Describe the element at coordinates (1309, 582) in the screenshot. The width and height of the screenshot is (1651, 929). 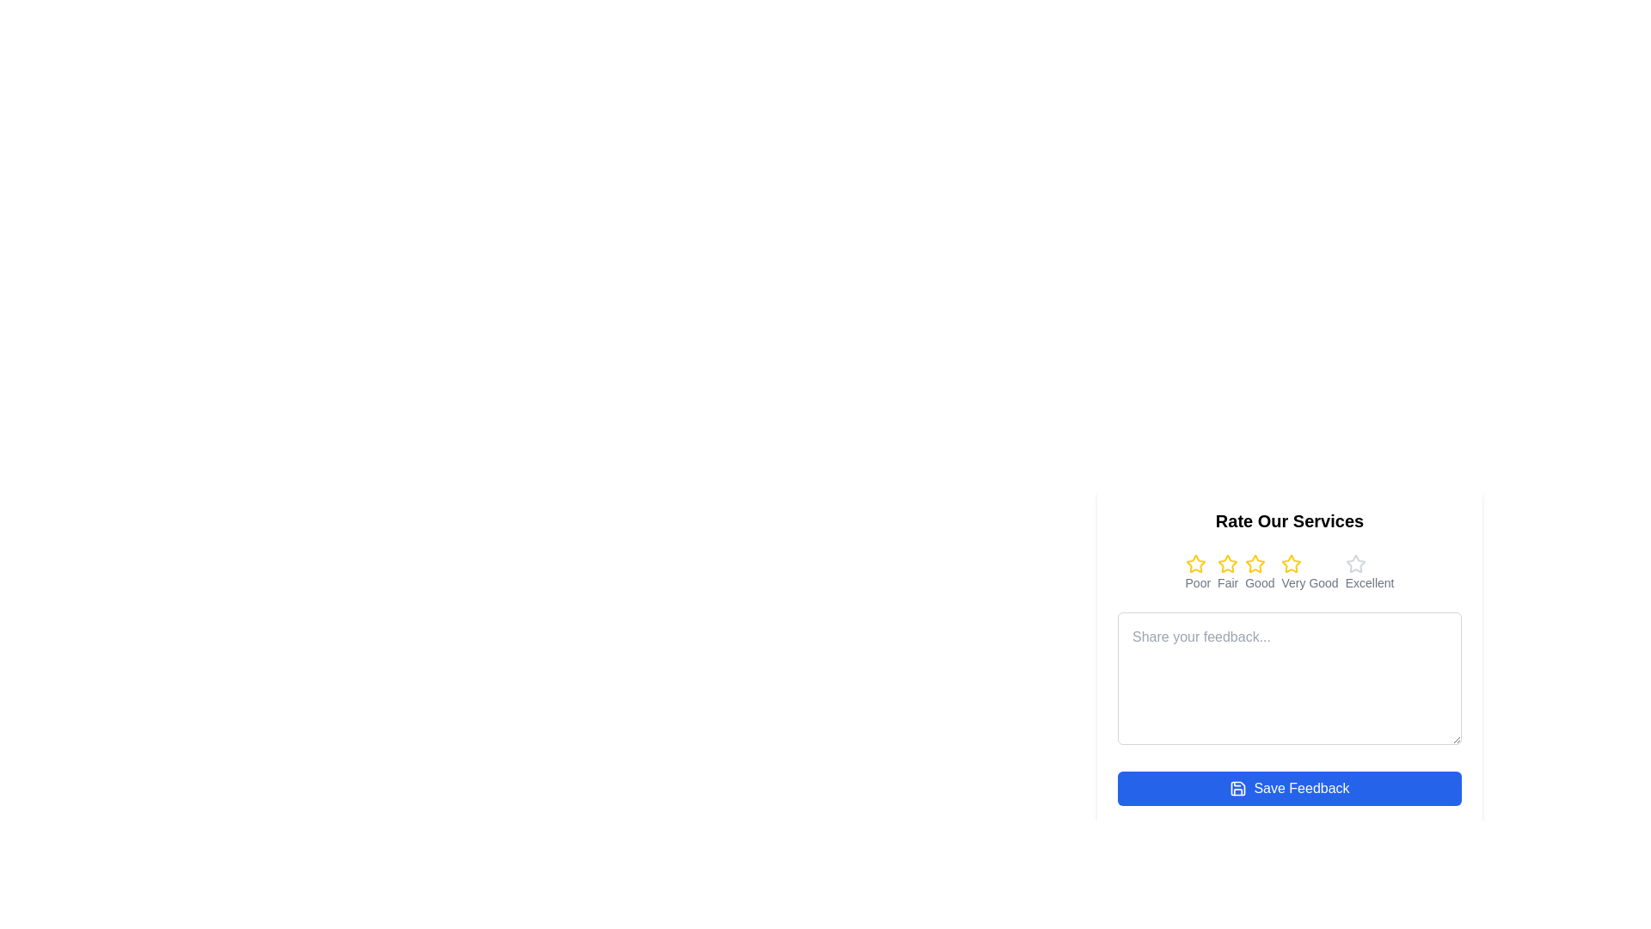
I see `the light gray text label displaying 'Very Good', which is the fourth label in a horizontal list of feedback options located below the fourth star icon in the five-star rating bar` at that location.